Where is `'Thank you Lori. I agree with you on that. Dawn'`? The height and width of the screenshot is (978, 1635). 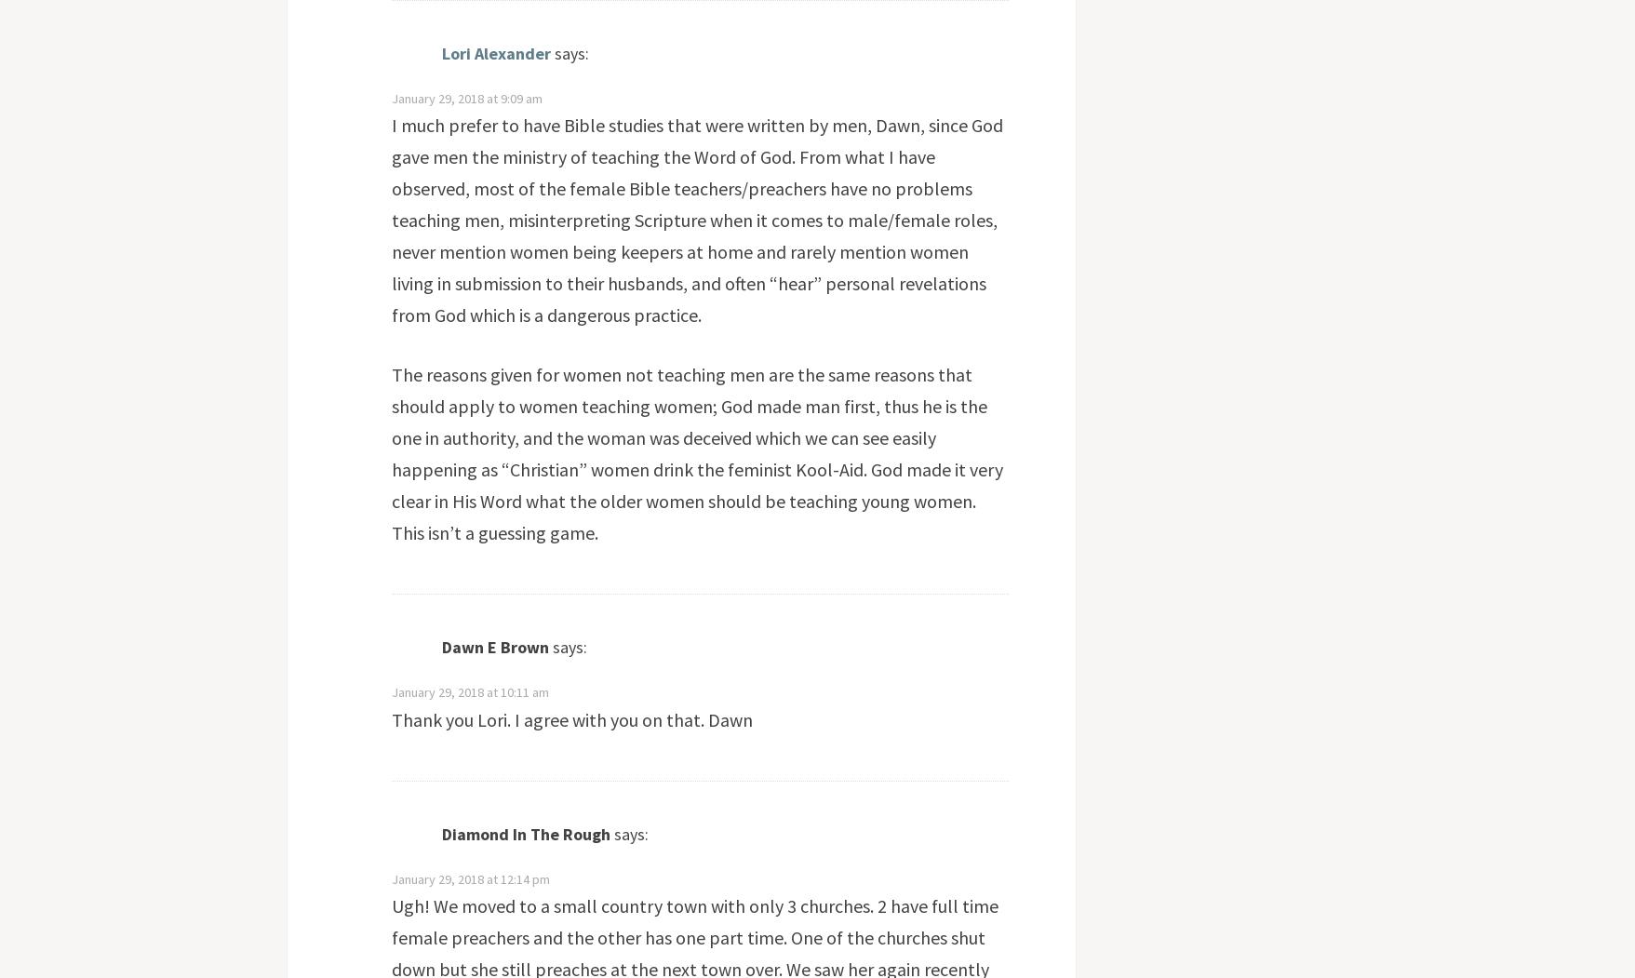 'Thank you Lori. I agree with you on that. Dawn' is located at coordinates (571, 717).